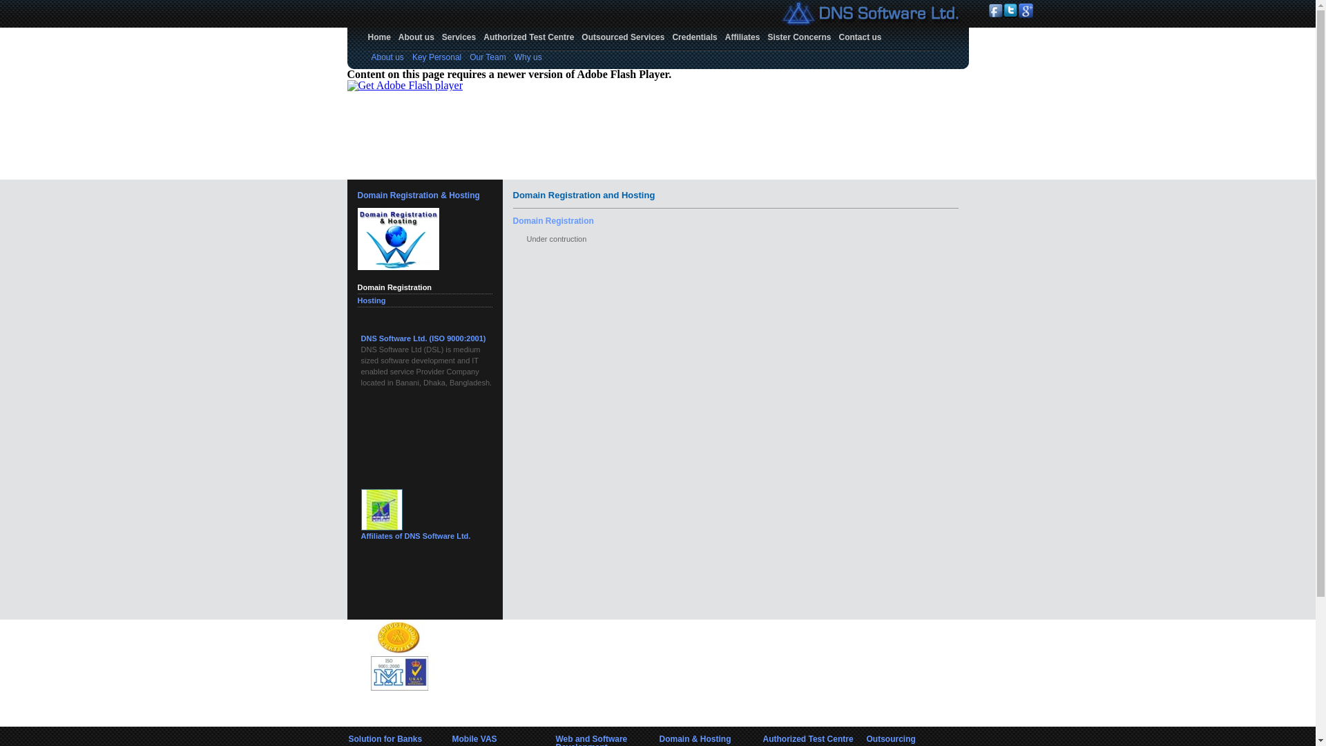 The width and height of the screenshot is (1326, 746). Describe the element at coordinates (528, 37) in the screenshot. I see `'Authorized Test Centre'` at that location.